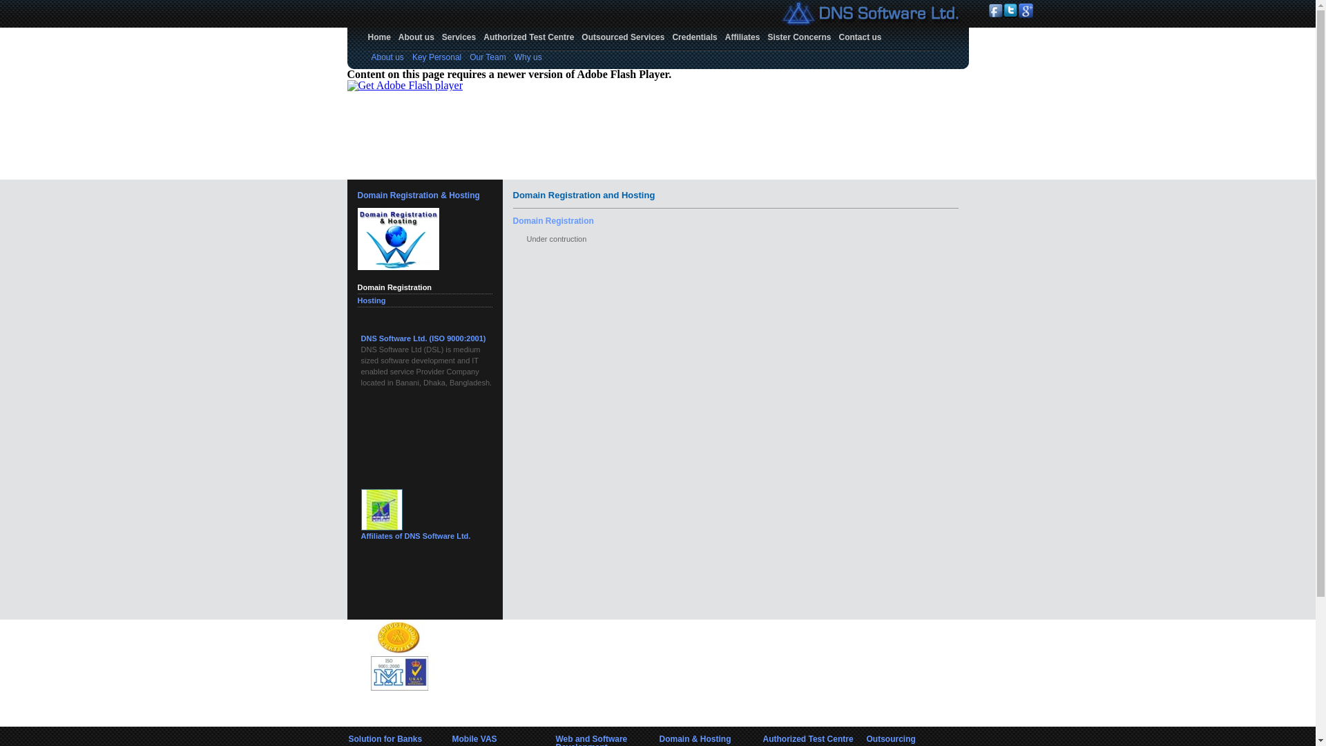 The width and height of the screenshot is (1326, 746). Describe the element at coordinates (528, 37) in the screenshot. I see `'Authorized Test Centre'` at that location.